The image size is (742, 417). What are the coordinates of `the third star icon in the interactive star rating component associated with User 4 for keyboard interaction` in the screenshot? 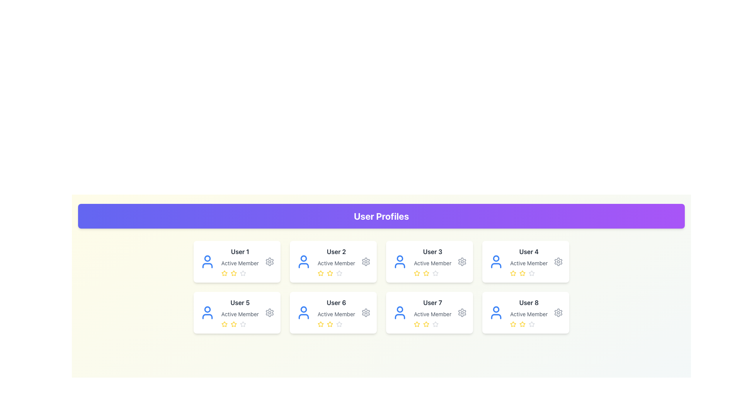 It's located at (513, 273).